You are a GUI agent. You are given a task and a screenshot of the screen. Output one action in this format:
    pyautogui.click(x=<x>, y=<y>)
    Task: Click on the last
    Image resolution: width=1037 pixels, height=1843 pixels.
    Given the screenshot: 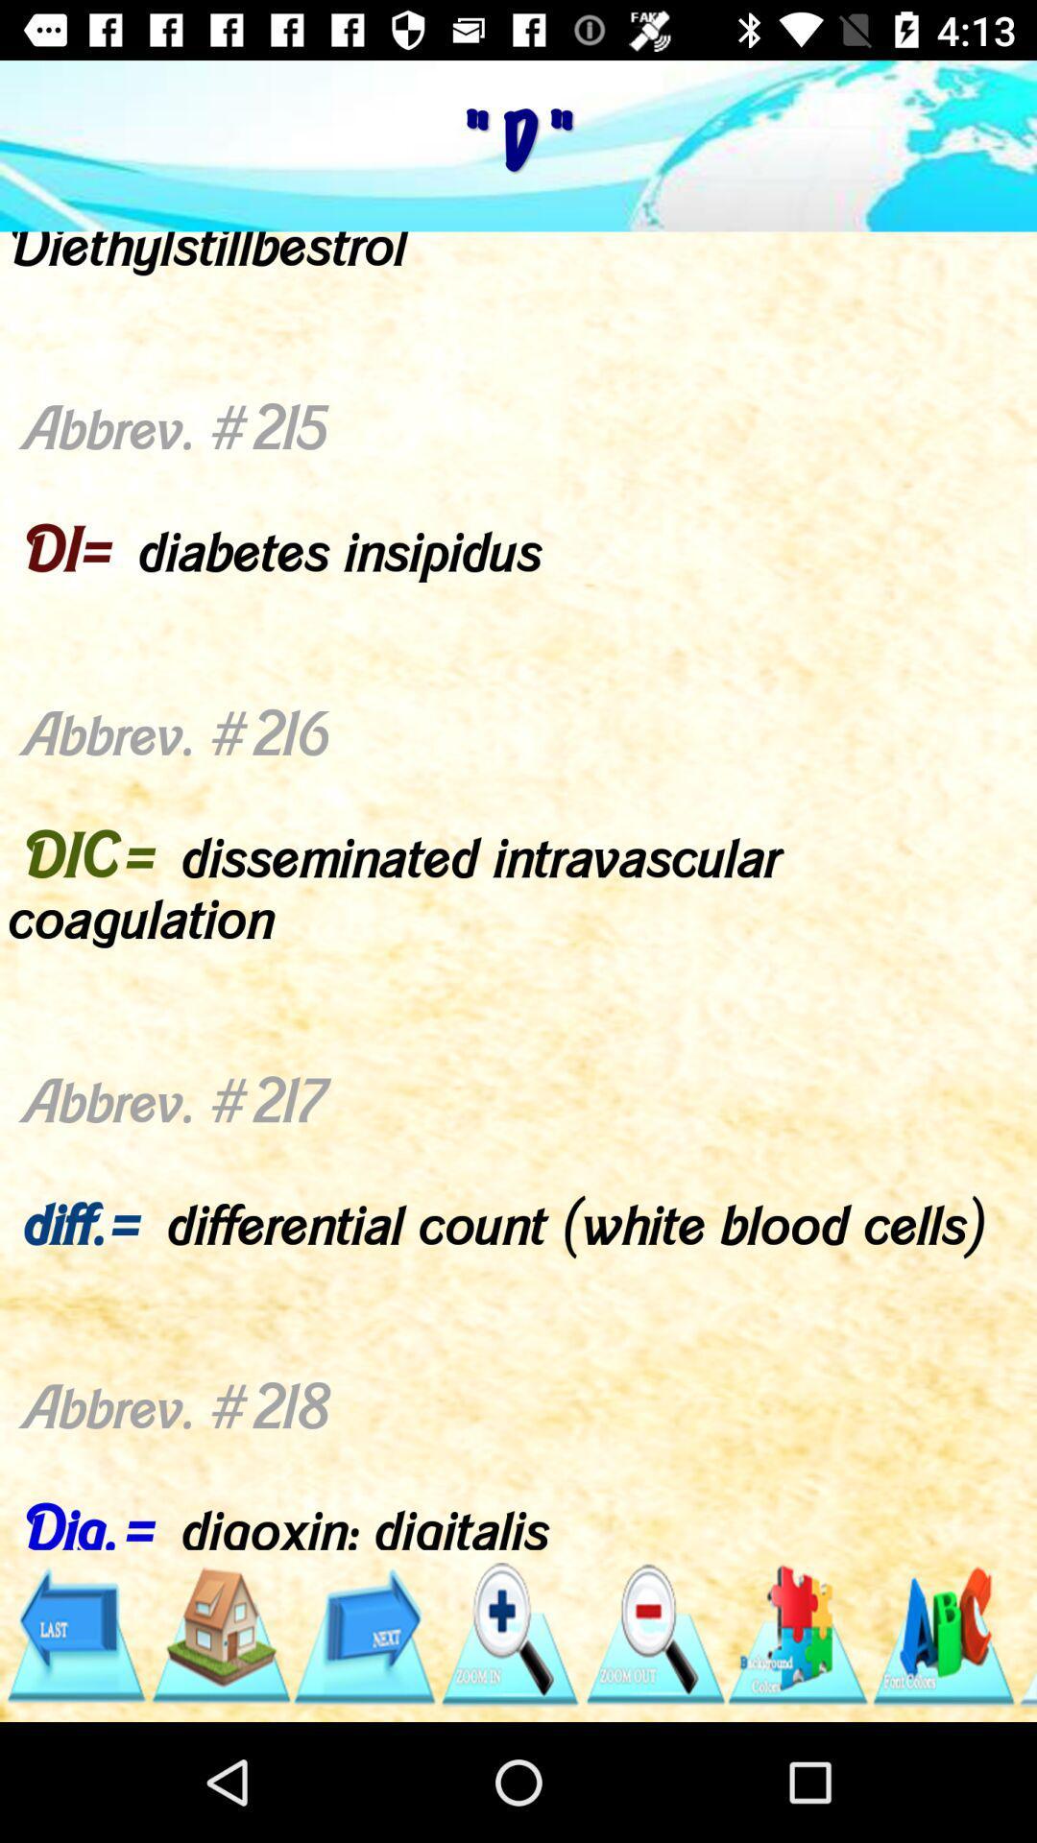 What is the action you would take?
    pyautogui.click(x=74, y=1634)
    